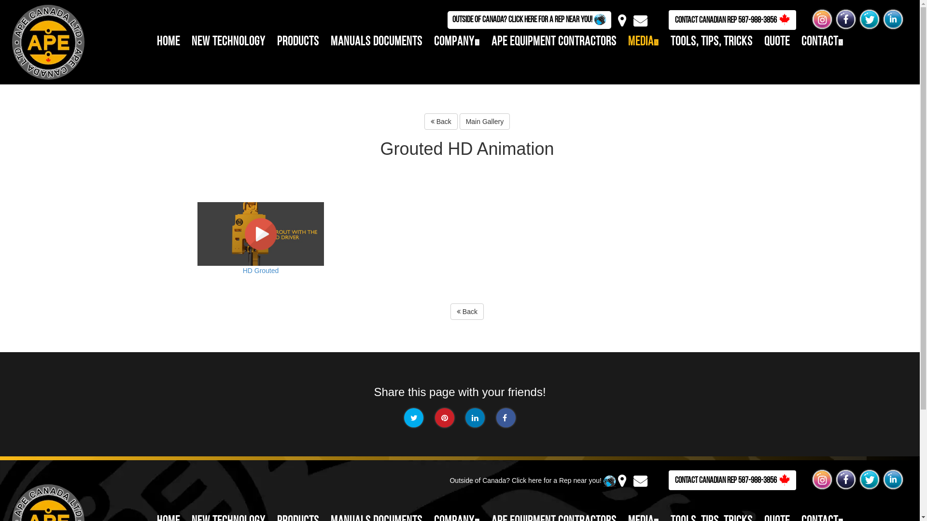 The image size is (927, 521). What do you see at coordinates (467, 311) in the screenshot?
I see `'Back'` at bounding box center [467, 311].